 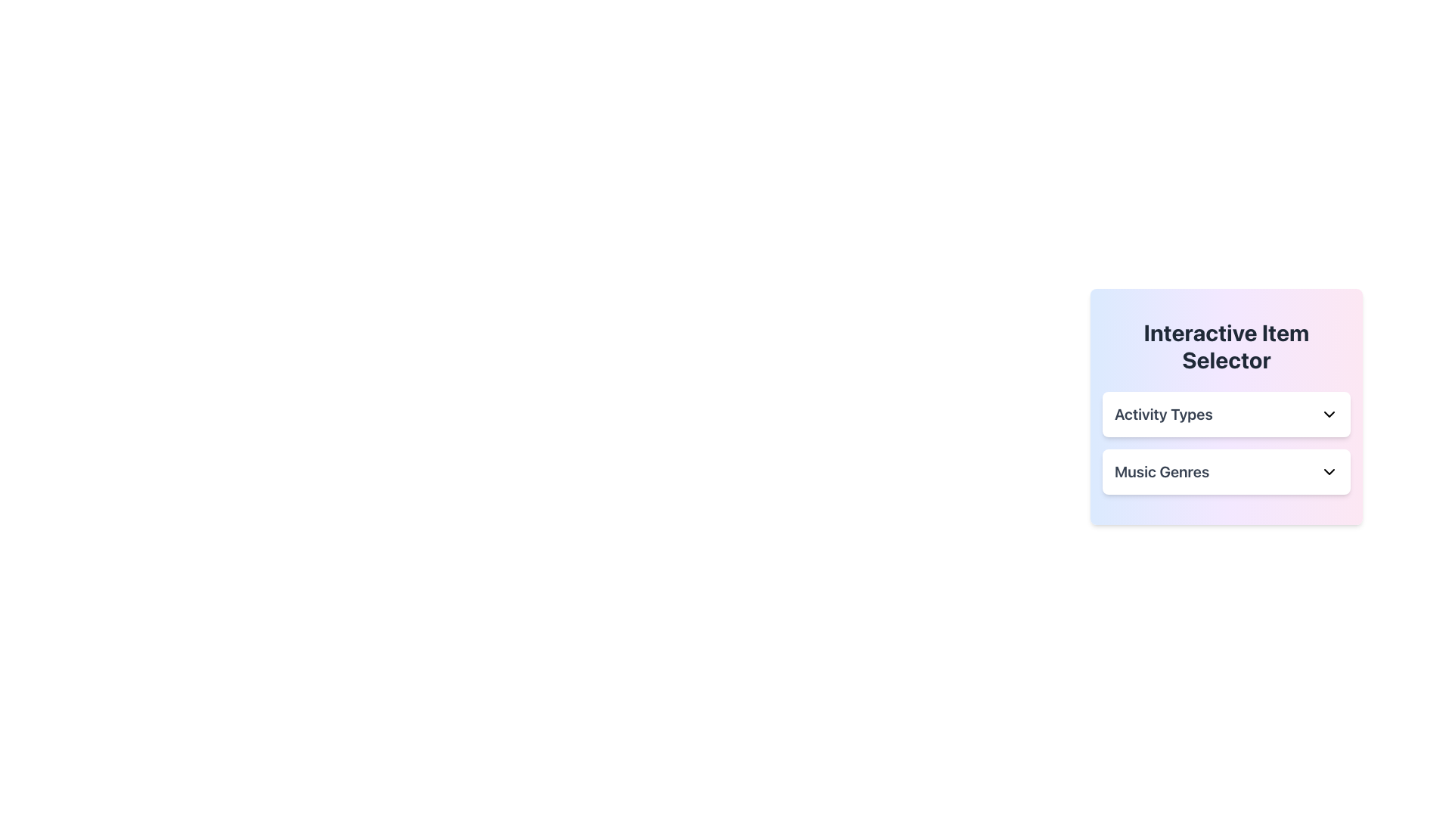 I want to click on the static text label indicating the category of the dropdown options located below the heading 'Interactive Item Selector', so click(x=1162, y=414).